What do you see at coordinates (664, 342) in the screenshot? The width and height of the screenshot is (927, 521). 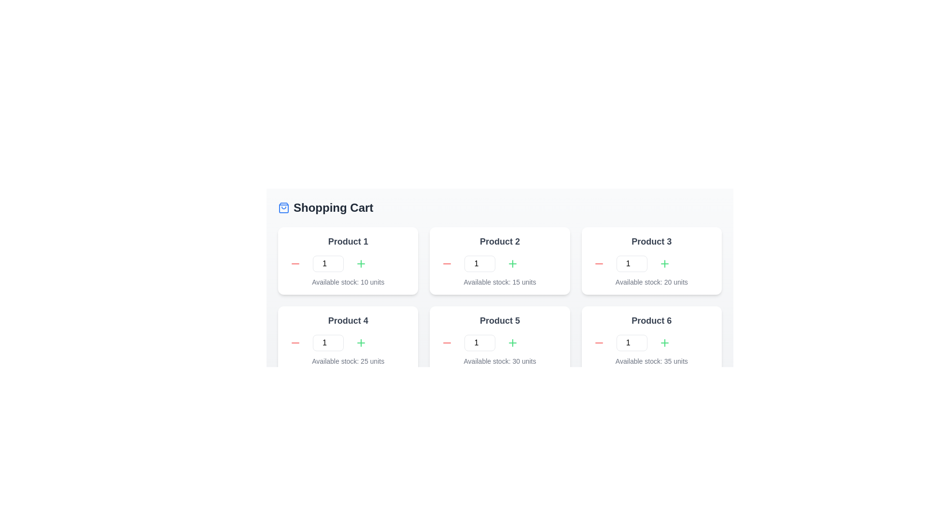 I see `the green plus icon button located at the bottom-right corner of the 'Product 6' card` at bounding box center [664, 342].